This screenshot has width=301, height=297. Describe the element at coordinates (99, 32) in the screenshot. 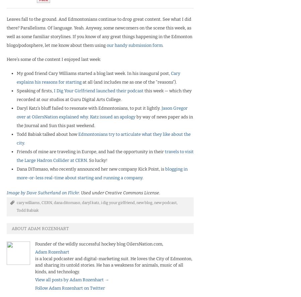

I see `'Leaves fall to the ground. And Edmontonians continue to drop great content. See what I did there? Parallelisms. Of language. Yeah. Anyway, some newcomers on the scene this week, as well as some familiar storylines. If you know of any great things happening in the Edmonton blogo/podosphere, let me know about them using'` at that location.